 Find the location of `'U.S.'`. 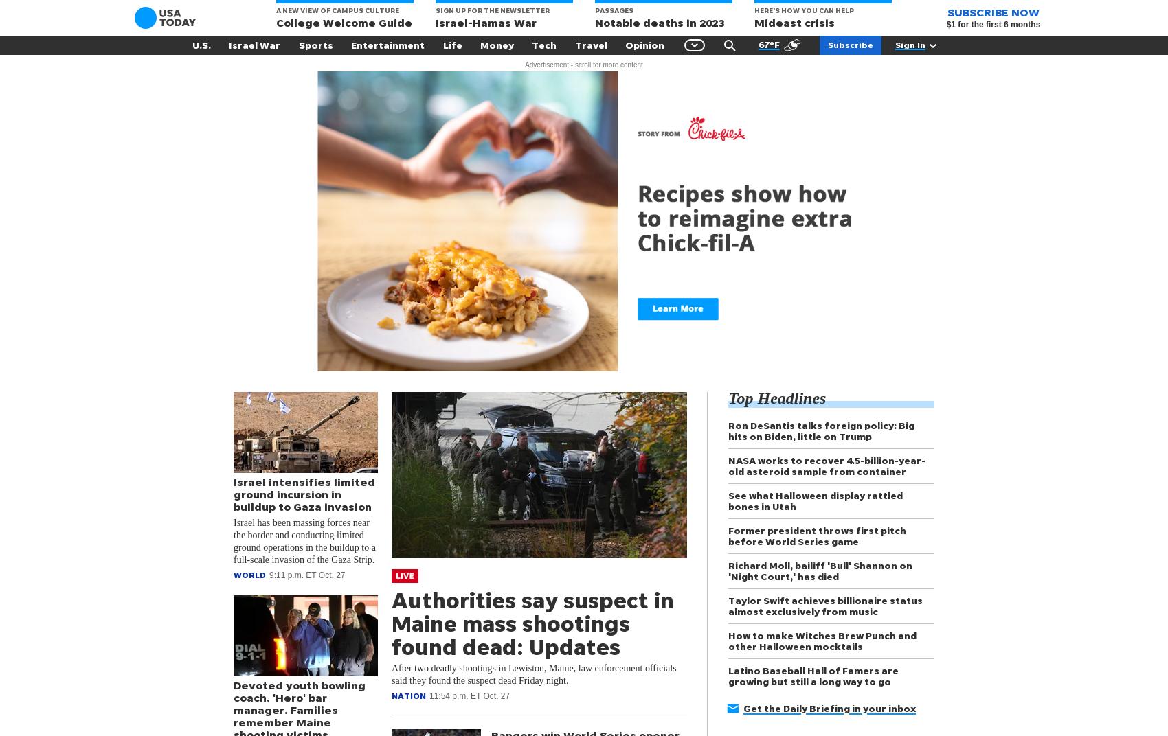

'U.S.' is located at coordinates (201, 44).